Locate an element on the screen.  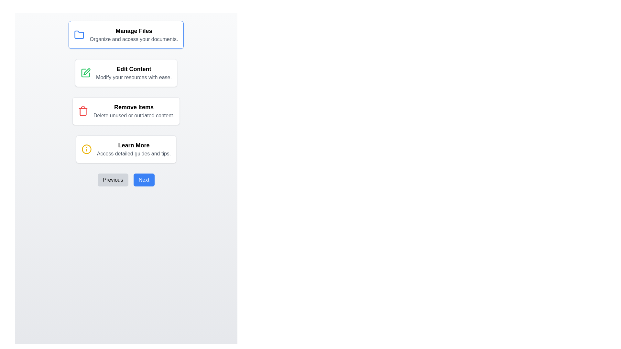
the 'Previous' and 'Next' buttons in the Button Group located at the bottom center of the layout to trigger state changes is located at coordinates (126, 180).